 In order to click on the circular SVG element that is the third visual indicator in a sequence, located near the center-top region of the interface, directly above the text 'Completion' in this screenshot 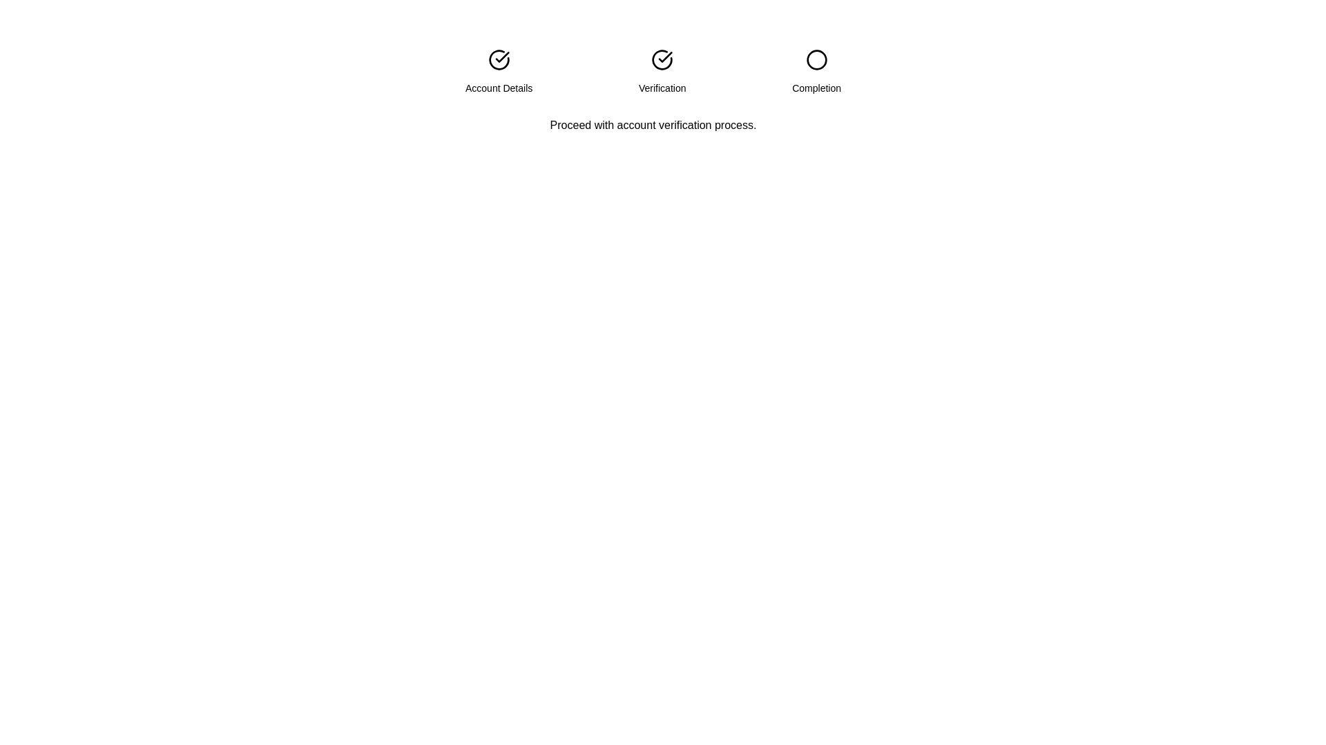, I will do `click(816, 59)`.